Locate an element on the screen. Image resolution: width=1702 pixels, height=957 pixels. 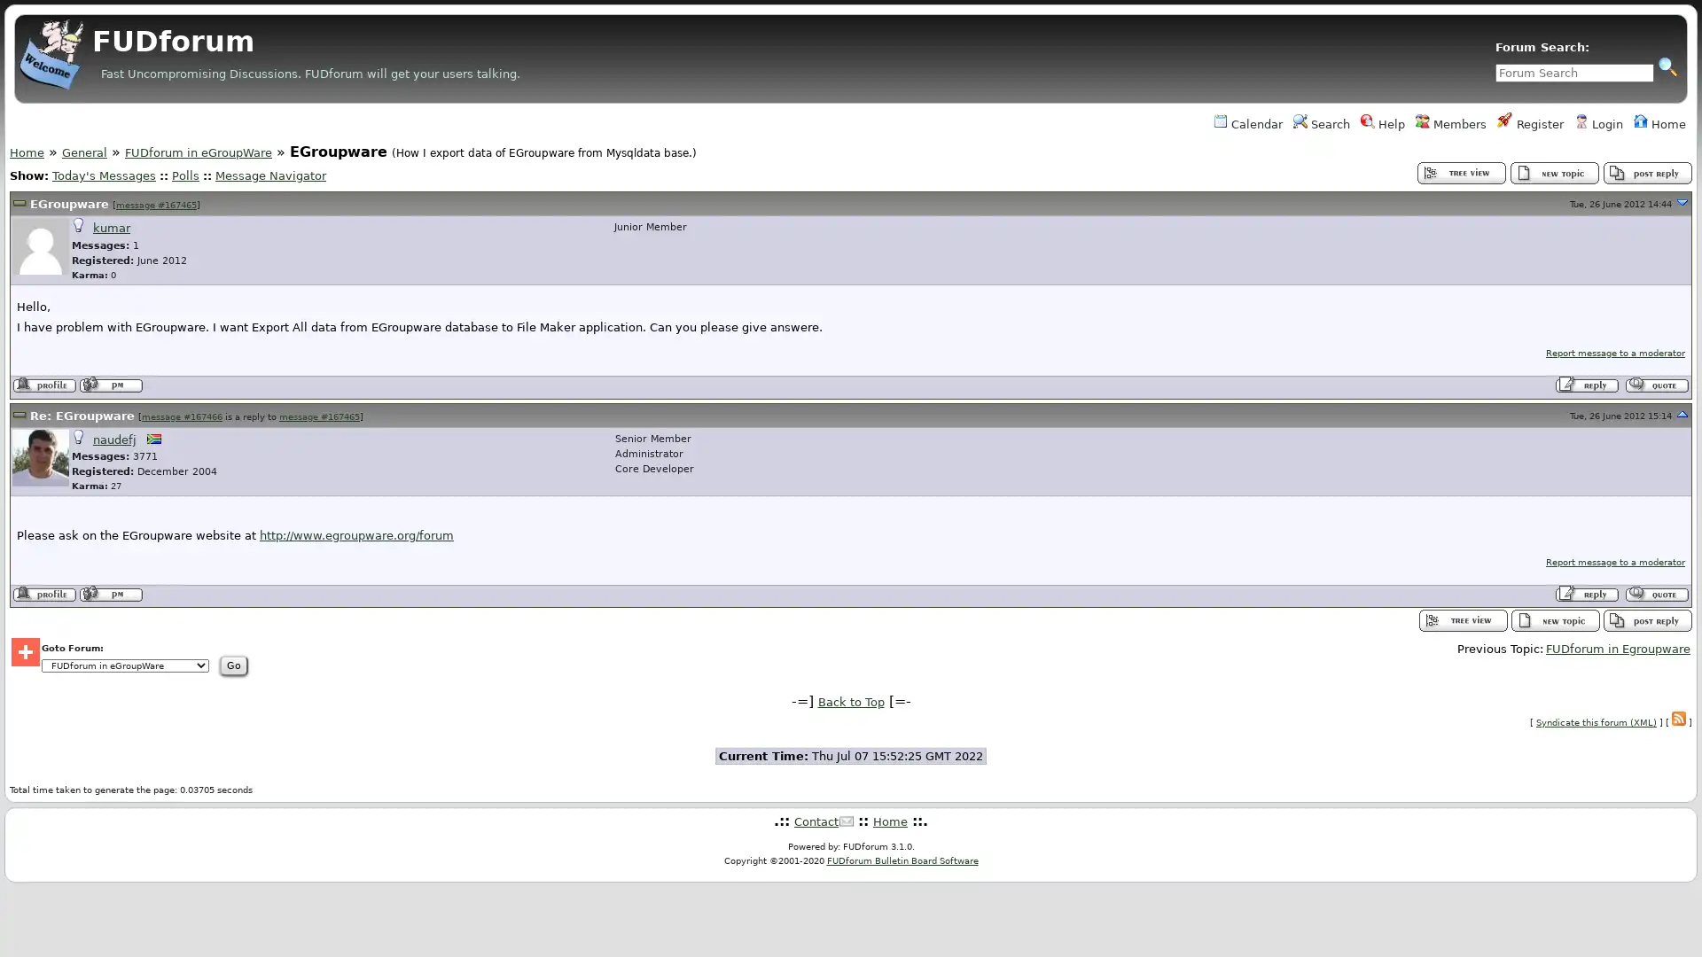
Go is located at coordinates (361, 665).